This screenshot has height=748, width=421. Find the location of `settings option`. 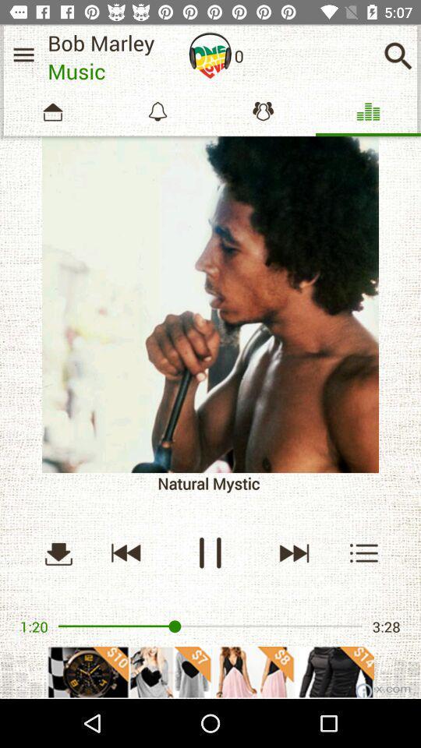

settings option is located at coordinates (23, 55).